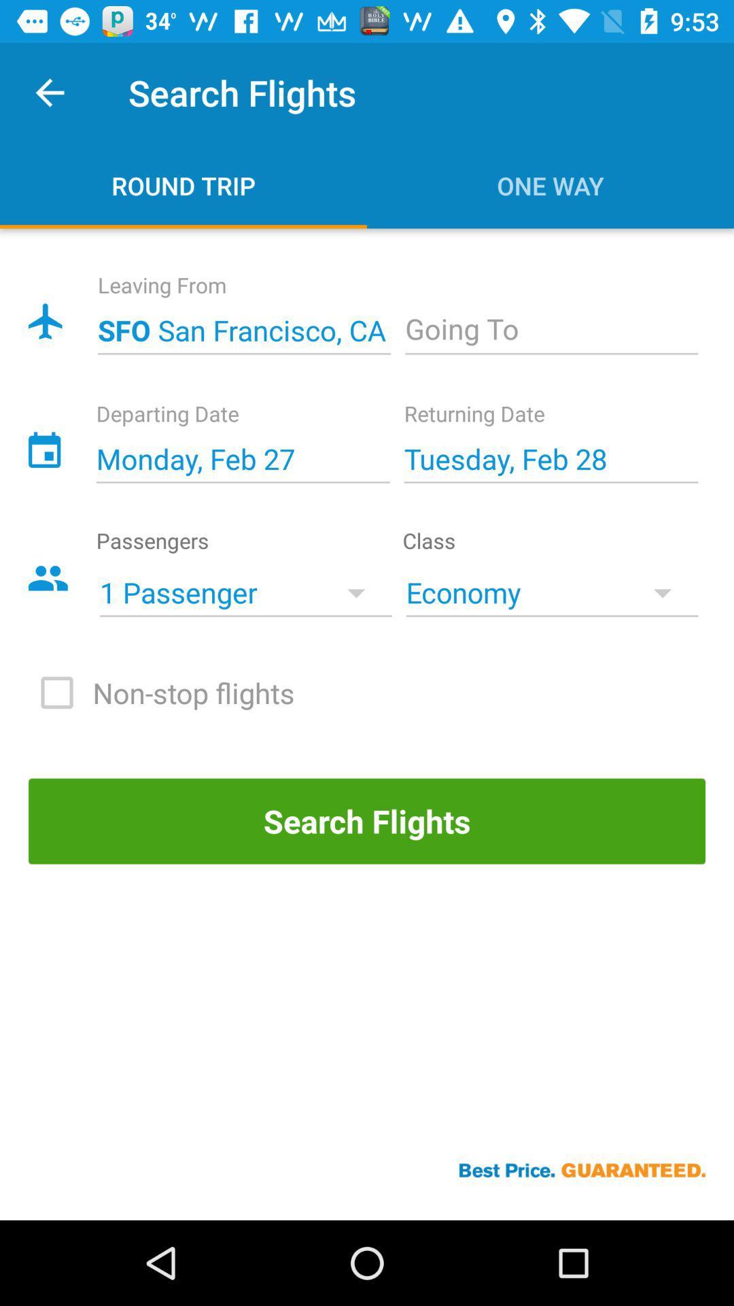  What do you see at coordinates (551, 331) in the screenshot?
I see `describe the airport you are going to` at bounding box center [551, 331].